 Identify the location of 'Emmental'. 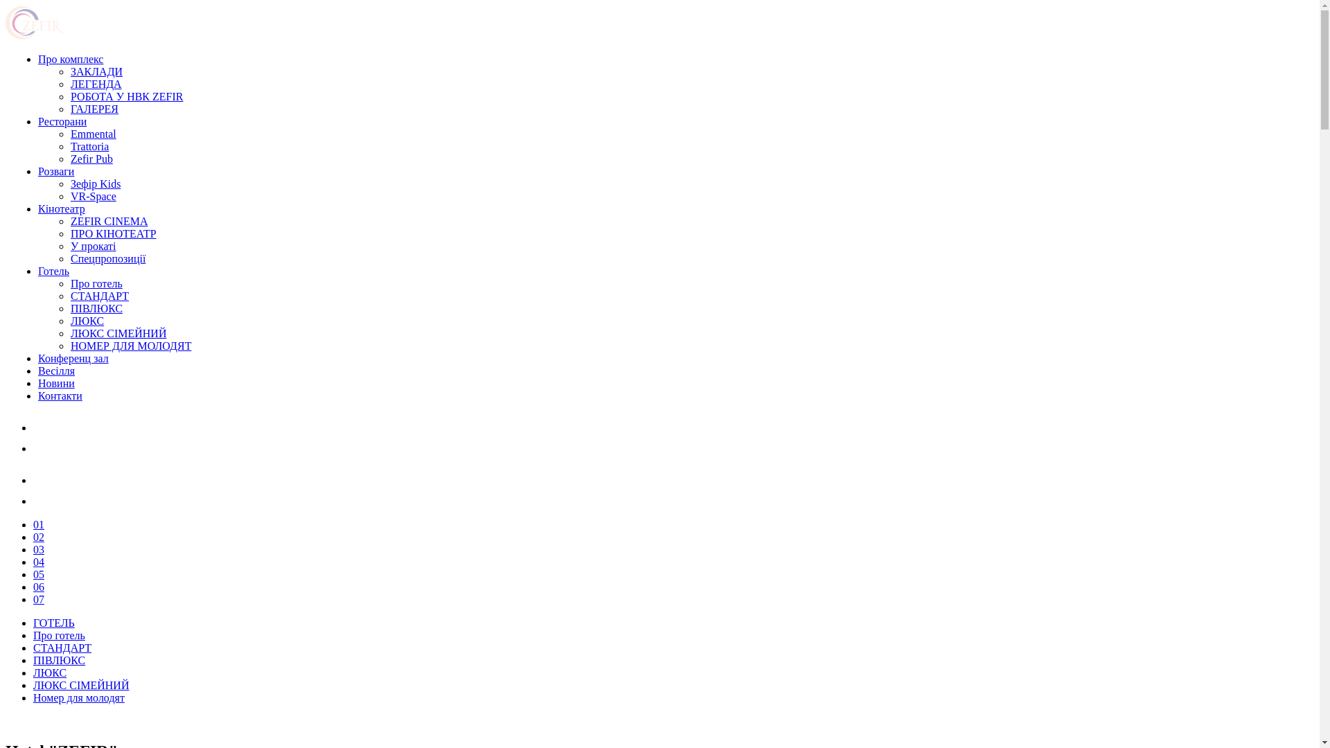
(92, 134).